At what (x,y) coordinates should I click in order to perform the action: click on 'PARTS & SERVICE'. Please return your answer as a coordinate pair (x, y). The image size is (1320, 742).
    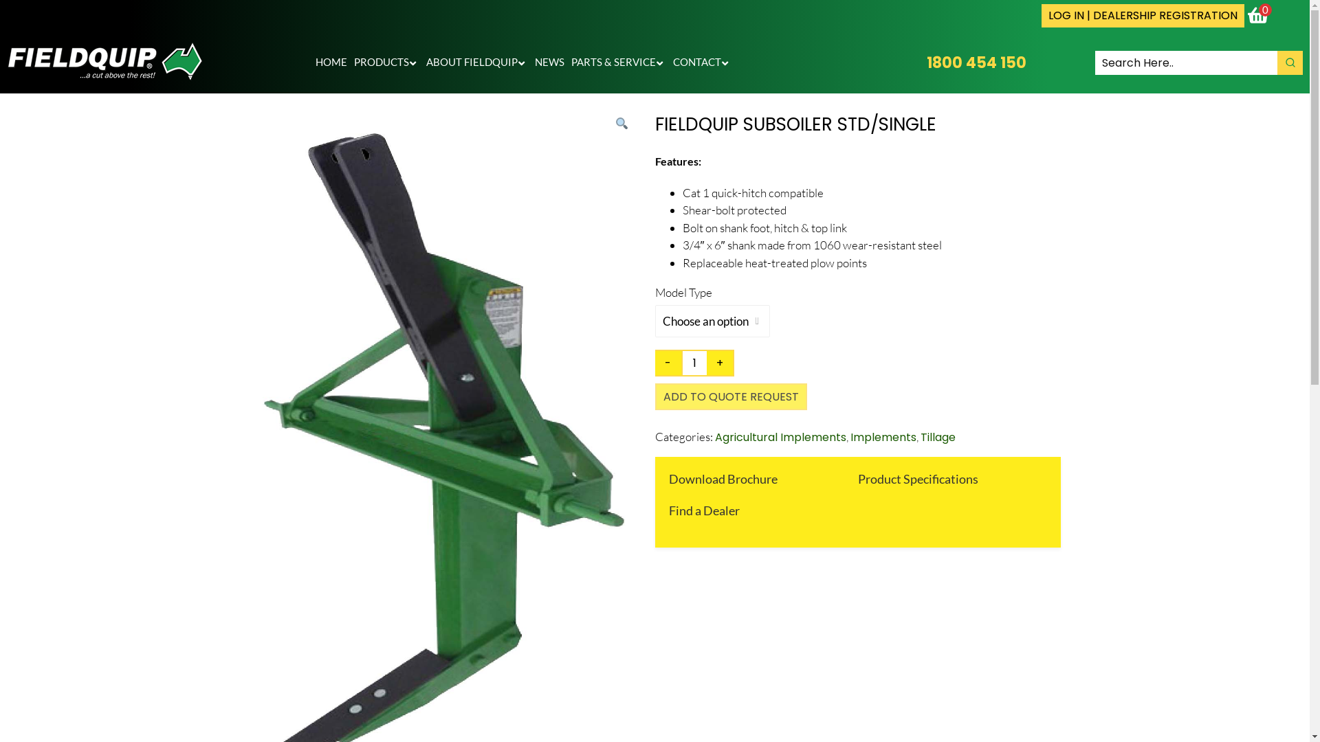
    Looking at the image, I should click on (618, 63).